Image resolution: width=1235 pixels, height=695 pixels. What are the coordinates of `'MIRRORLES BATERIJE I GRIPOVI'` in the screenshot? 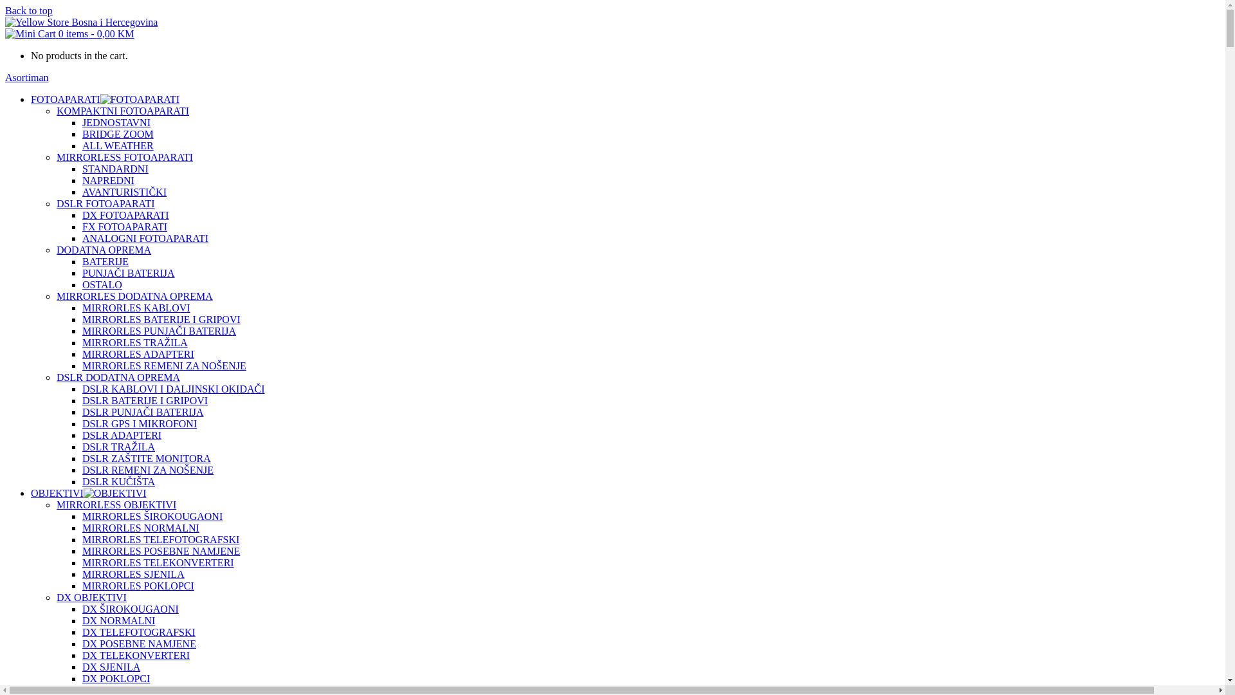 It's located at (160, 319).